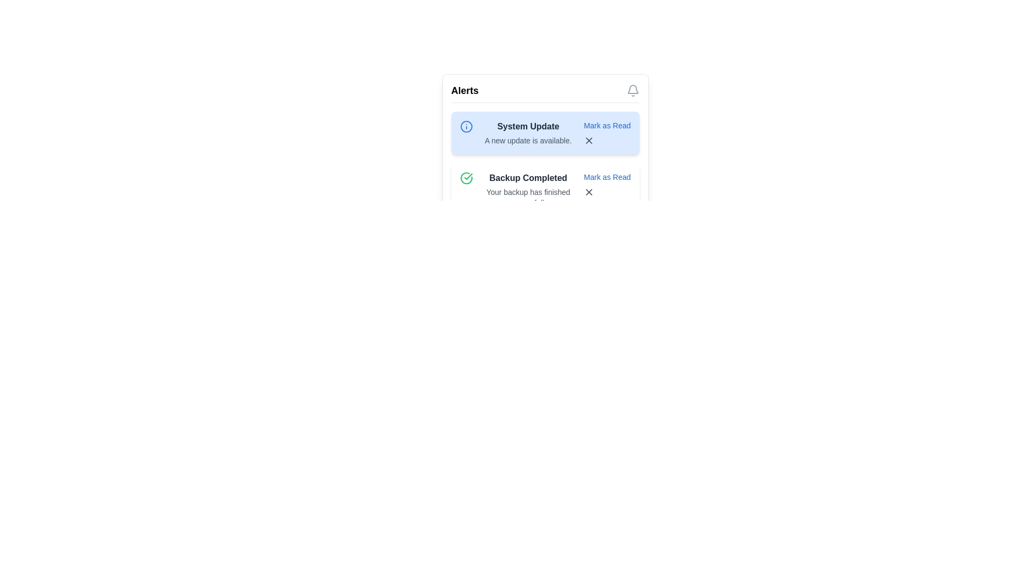 The height and width of the screenshot is (580, 1032). What do you see at coordinates (589, 192) in the screenshot?
I see `the second 'X' icon button in the alert panel` at bounding box center [589, 192].